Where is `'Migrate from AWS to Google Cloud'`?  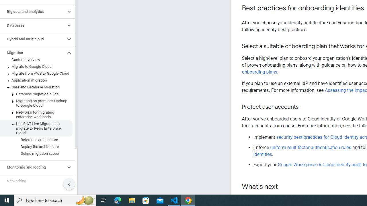 'Migrate from AWS to Google Cloud' is located at coordinates (36, 73).